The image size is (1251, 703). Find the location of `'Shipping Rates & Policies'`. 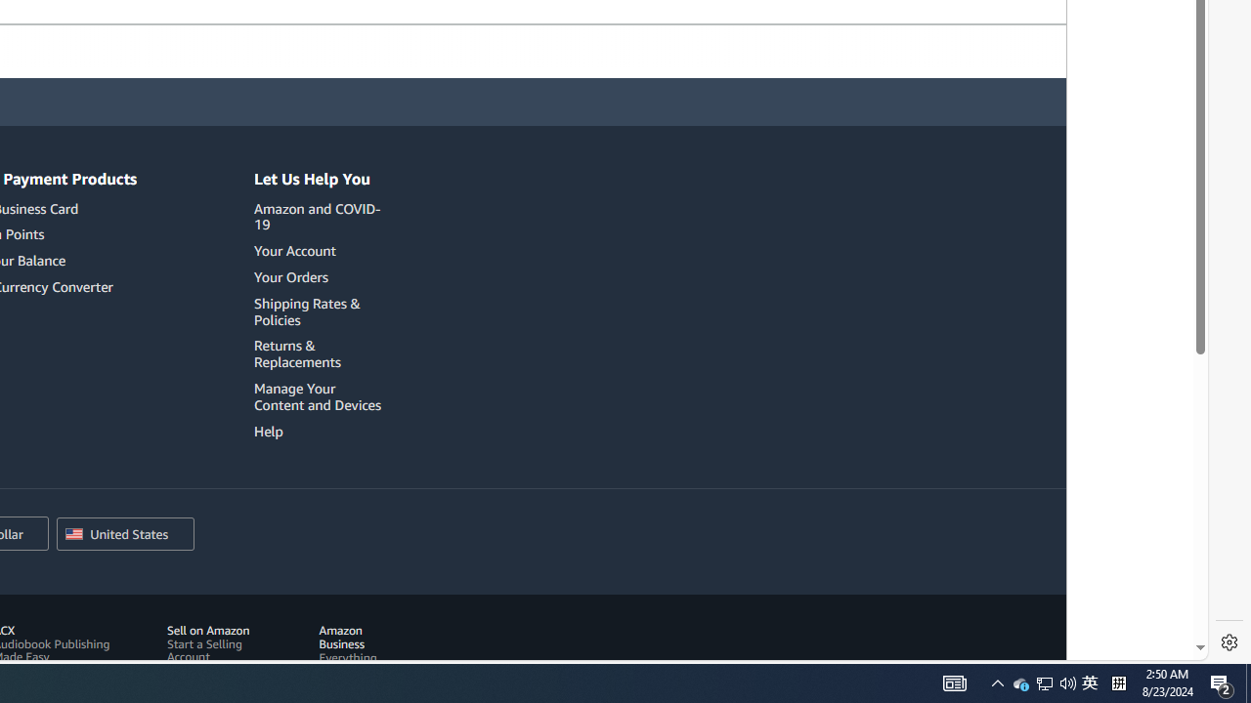

'Shipping Rates & Policies' is located at coordinates (321, 310).